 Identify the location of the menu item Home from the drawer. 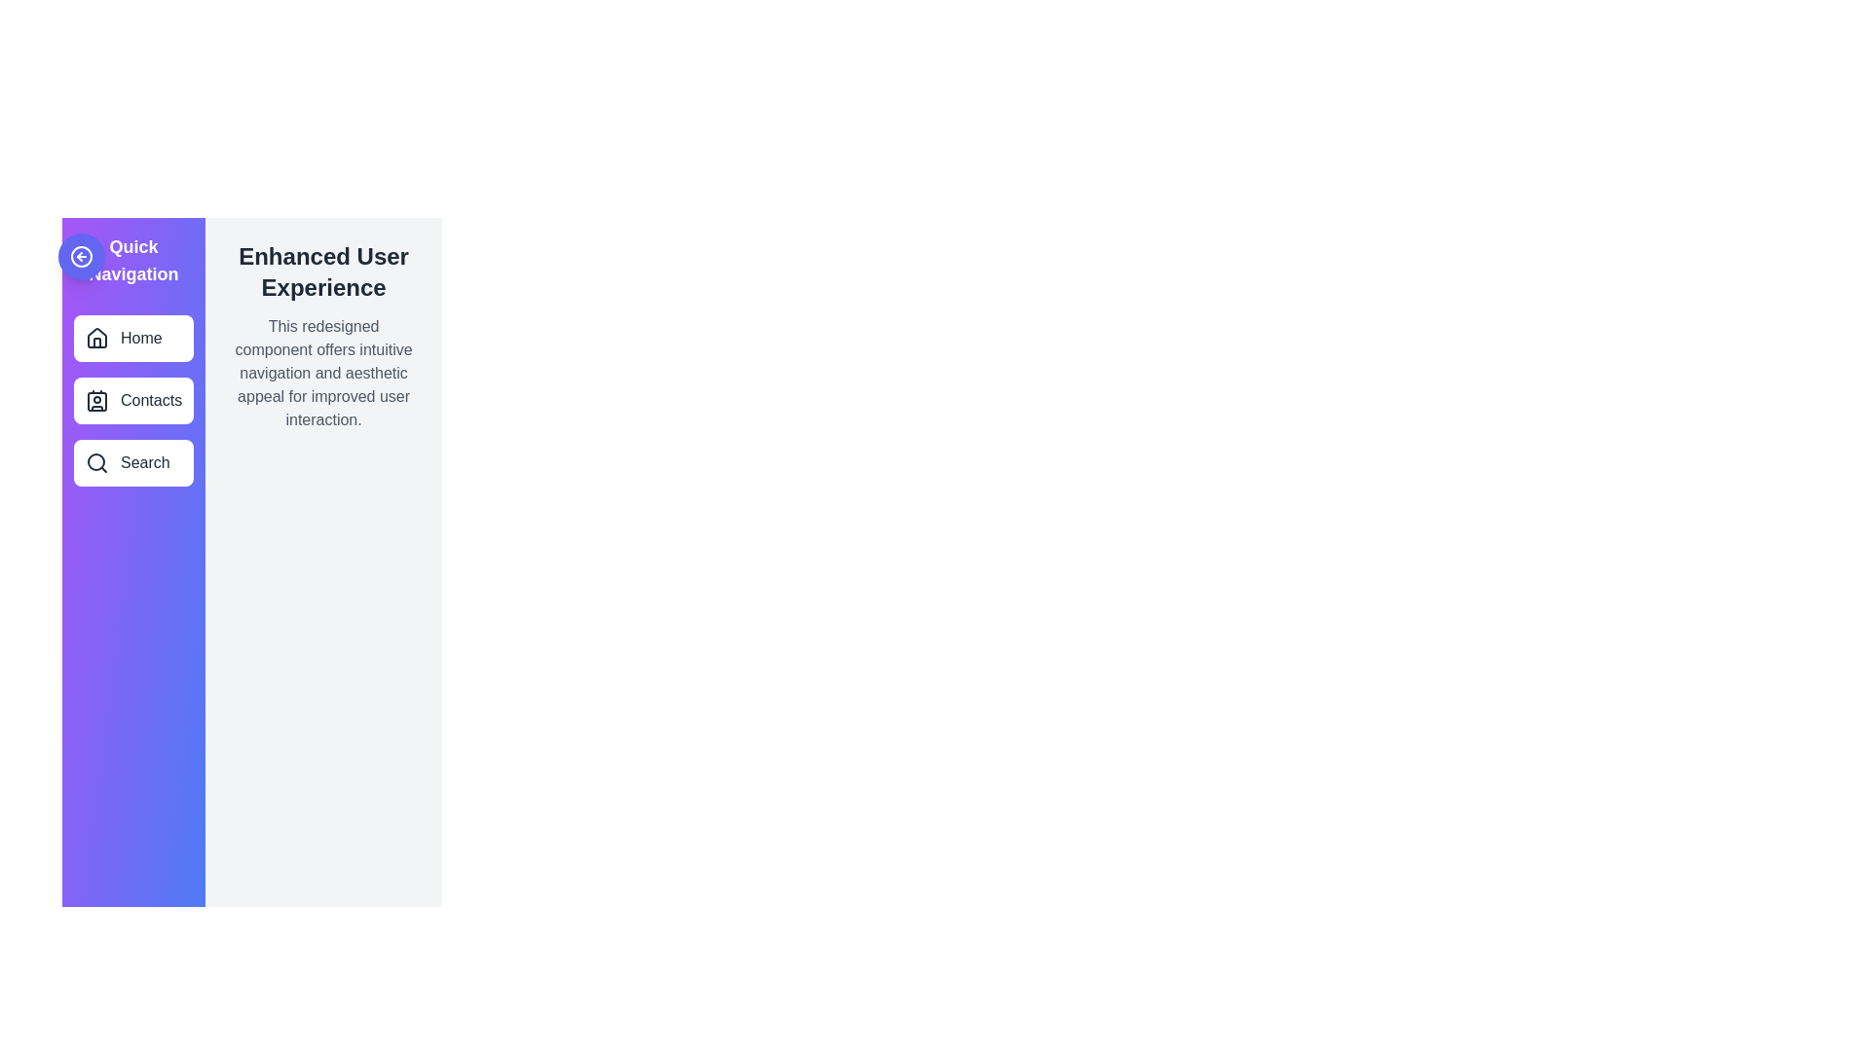
(132, 337).